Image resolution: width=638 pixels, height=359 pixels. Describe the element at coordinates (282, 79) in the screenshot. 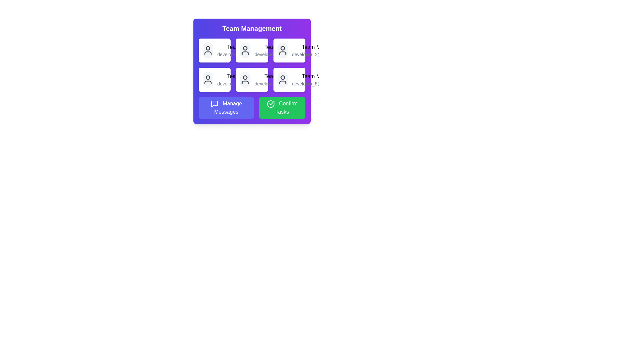

I see `the circular user profile icon with a light gray background and dark gray silhouette, located in the profile card labeled 'Team Member 6'` at that location.